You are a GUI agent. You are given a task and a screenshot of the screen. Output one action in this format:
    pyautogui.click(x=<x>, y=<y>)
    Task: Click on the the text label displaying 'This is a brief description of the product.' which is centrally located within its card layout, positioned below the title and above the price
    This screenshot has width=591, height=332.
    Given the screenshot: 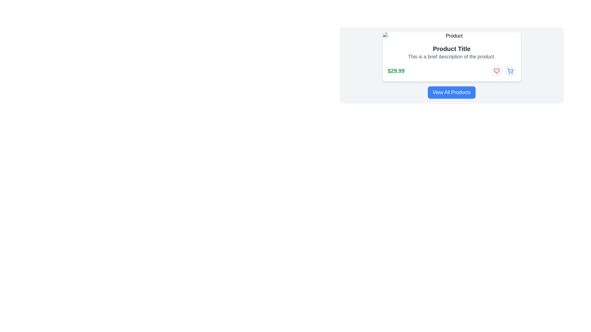 What is the action you would take?
    pyautogui.click(x=452, y=57)
    